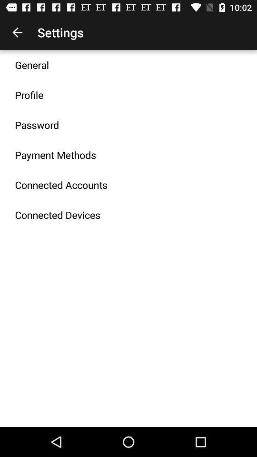 The image size is (257, 457). What do you see at coordinates (58, 215) in the screenshot?
I see `the icon below connected accounts icon` at bounding box center [58, 215].